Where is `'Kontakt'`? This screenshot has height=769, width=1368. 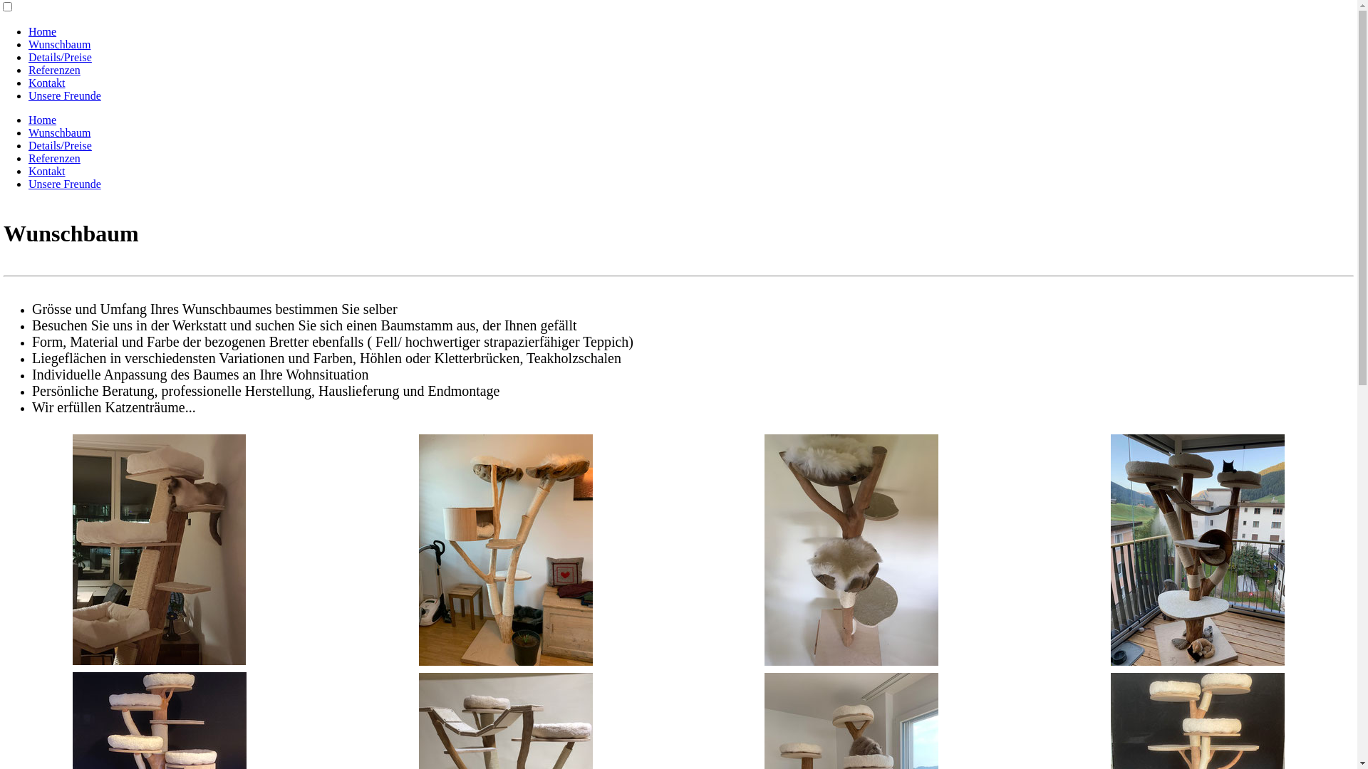
'Kontakt' is located at coordinates (47, 83).